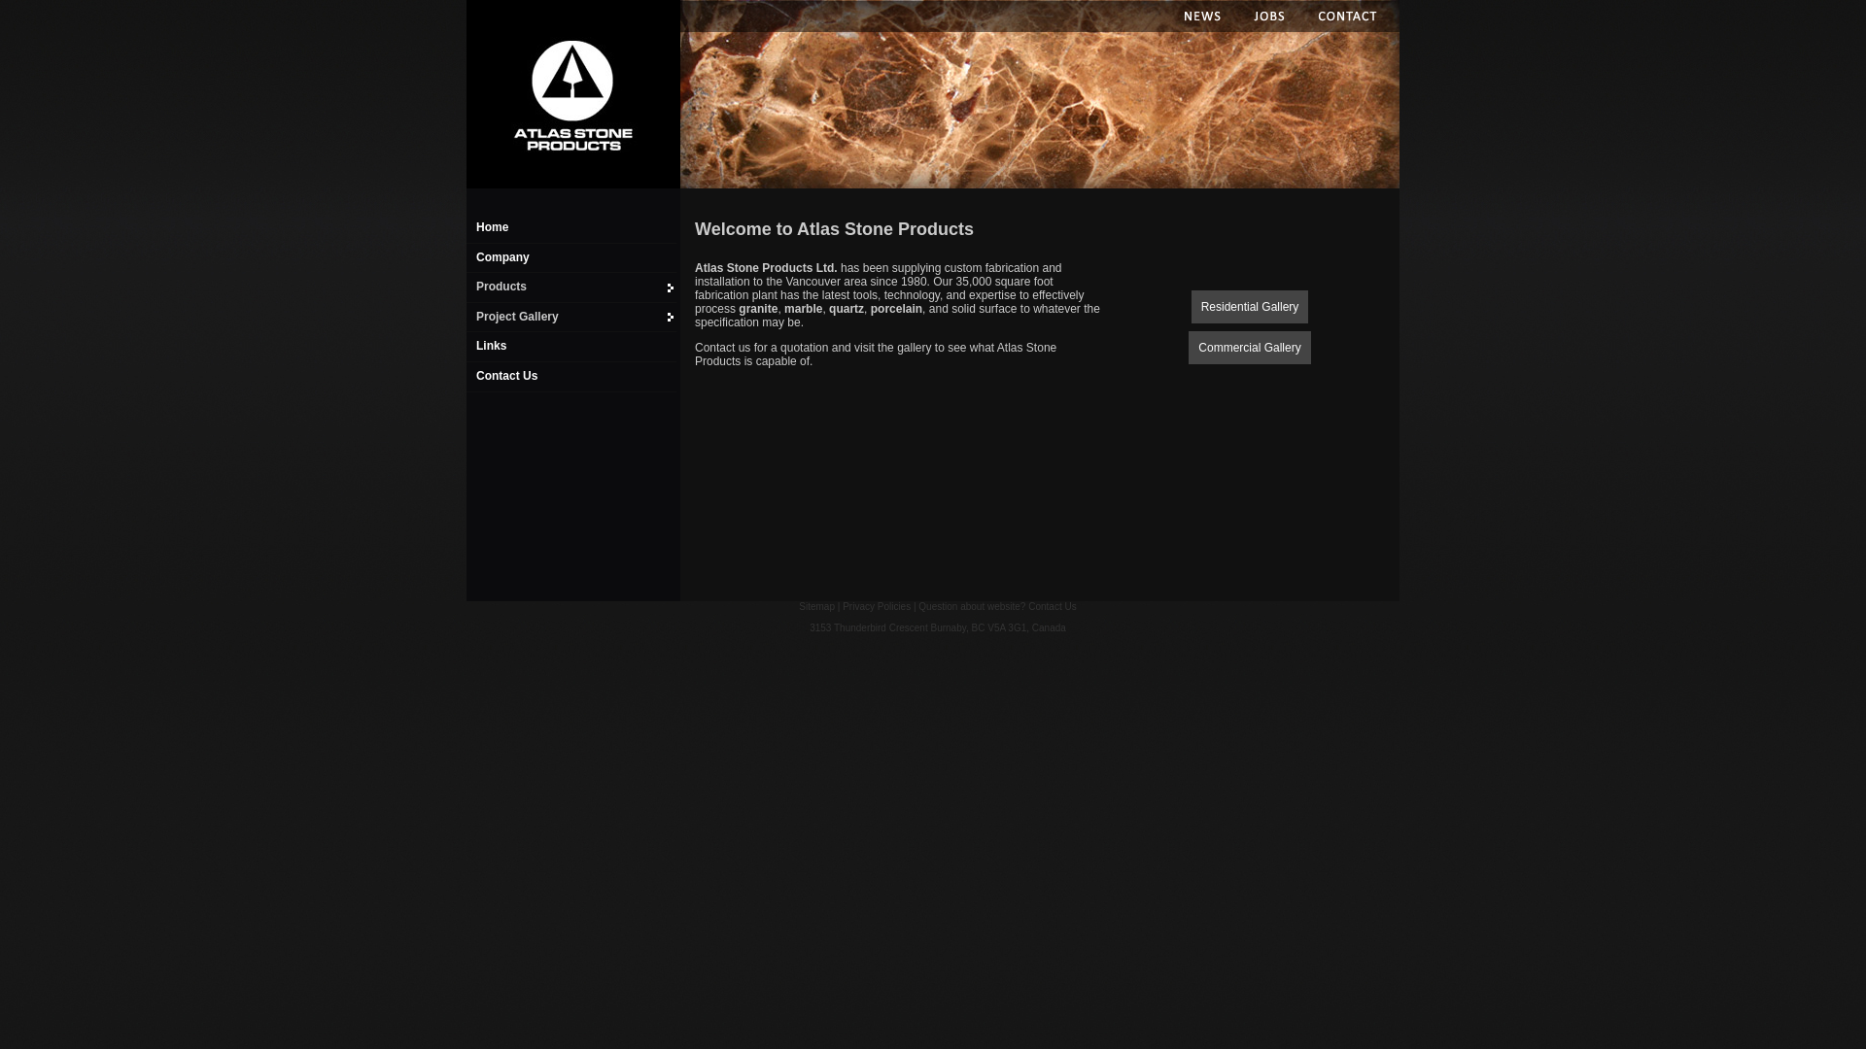 This screenshot has height=1049, width=1866. I want to click on 'Home', so click(570, 94).